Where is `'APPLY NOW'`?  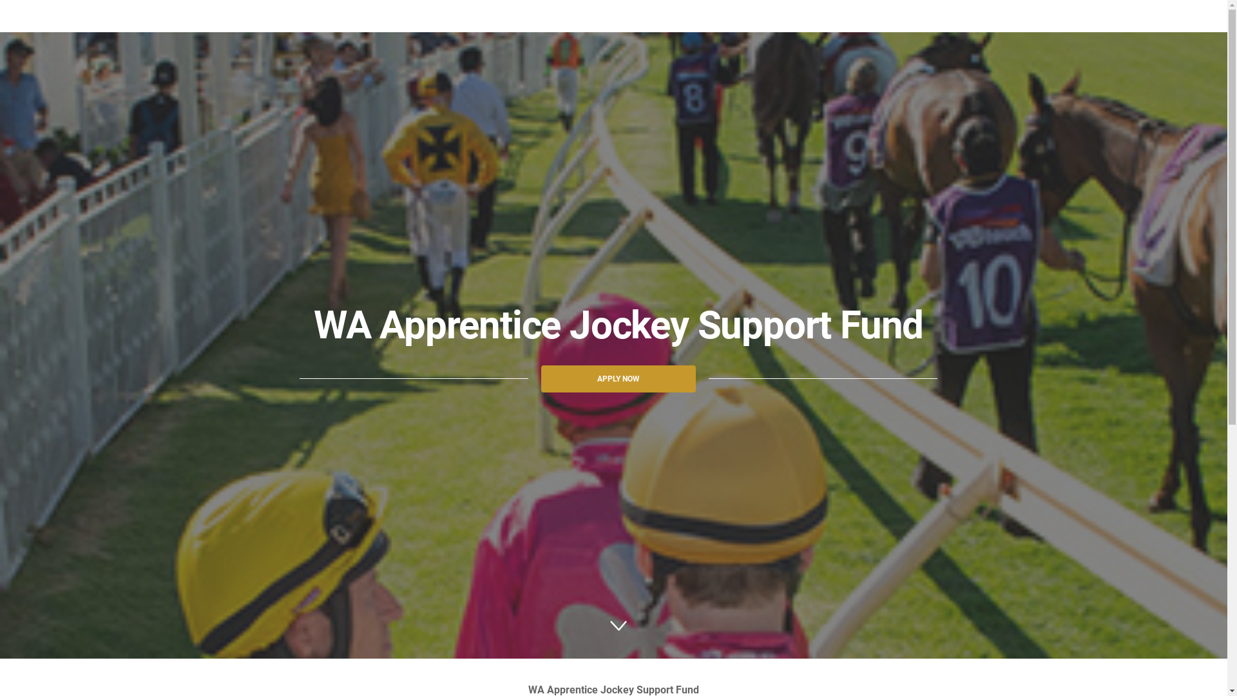 'APPLY NOW' is located at coordinates (618, 378).